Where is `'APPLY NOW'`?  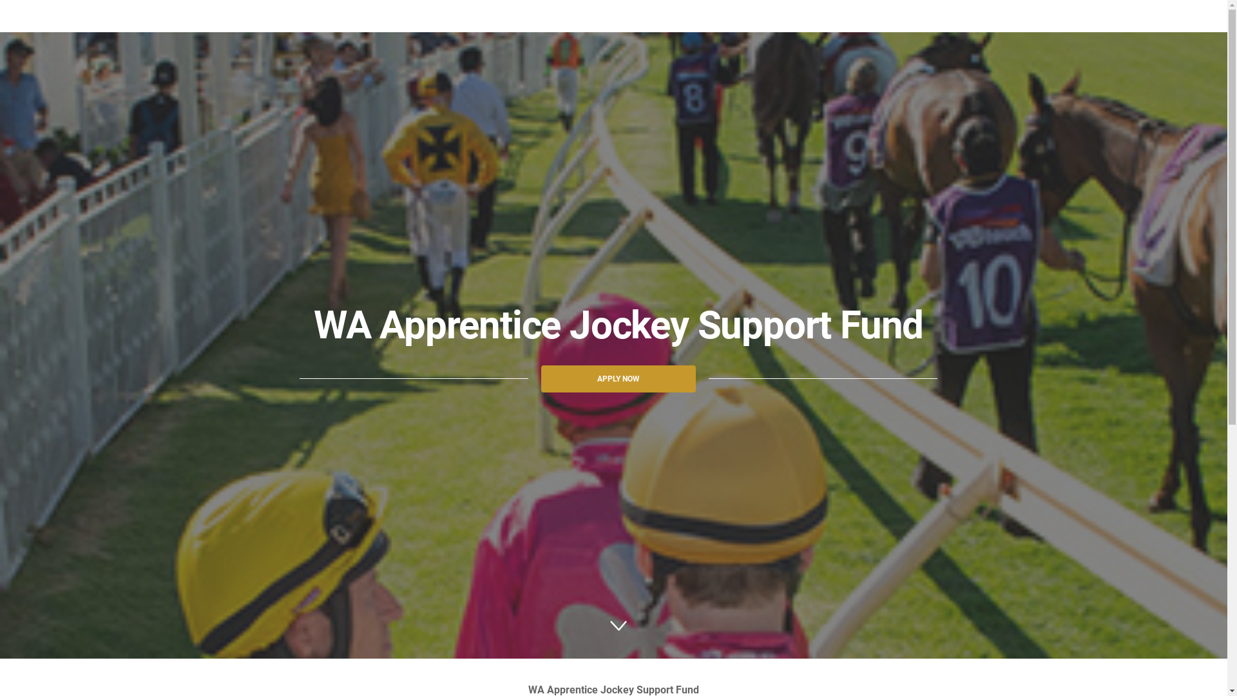 'APPLY NOW' is located at coordinates (618, 378).